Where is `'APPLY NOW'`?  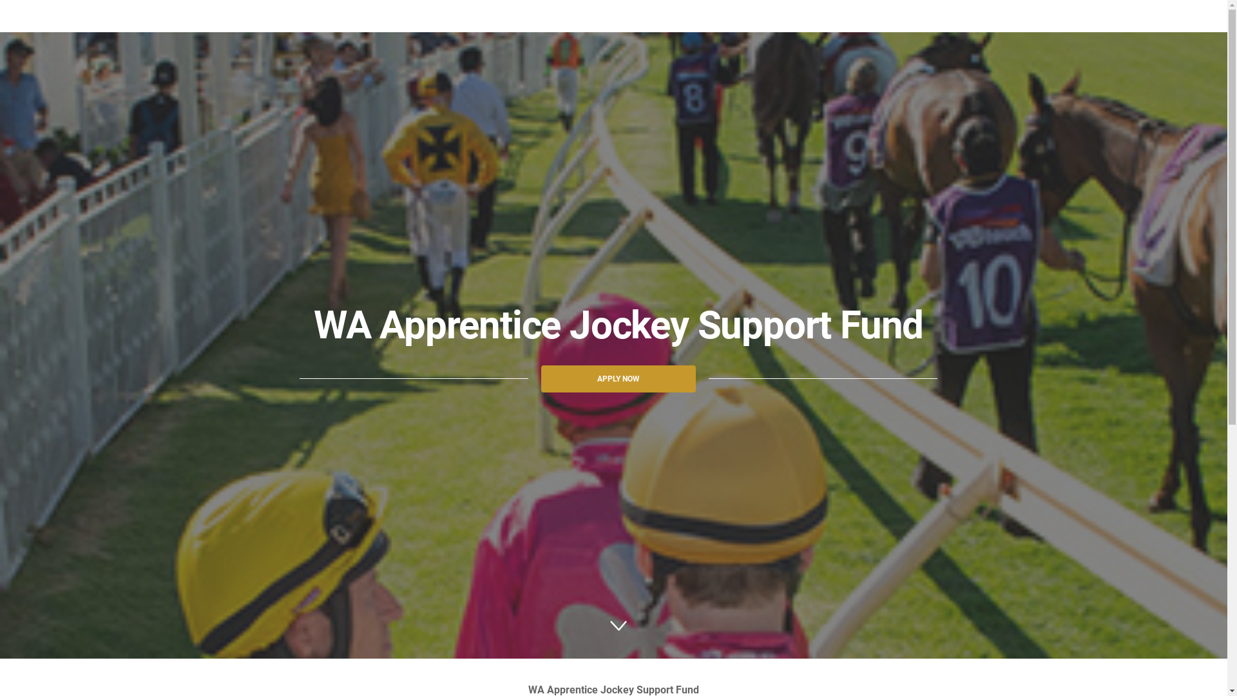 'APPLY NOW' is located at coordinates (618, 378).